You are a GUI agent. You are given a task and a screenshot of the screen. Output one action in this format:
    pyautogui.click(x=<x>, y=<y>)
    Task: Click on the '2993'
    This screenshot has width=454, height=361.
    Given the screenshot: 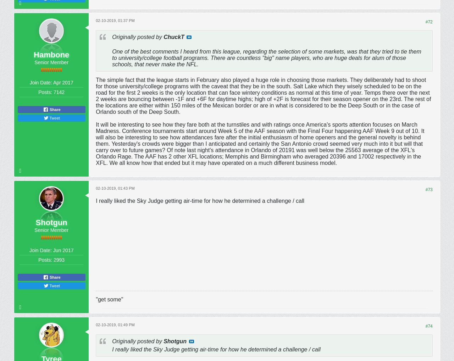 What is the action you would take?
    pyautogui.click(x=53, y=259)
    